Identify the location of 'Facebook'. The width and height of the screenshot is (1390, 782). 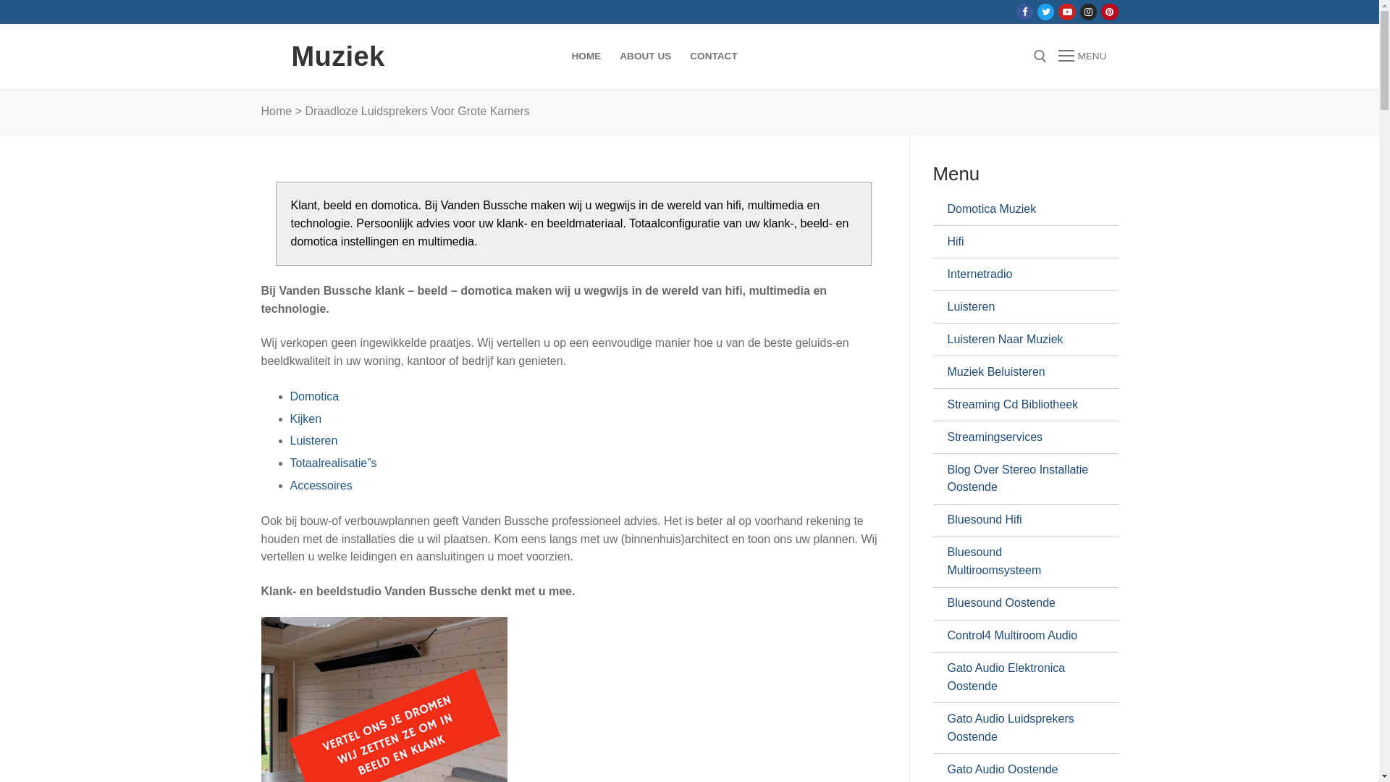
(1024, 12).